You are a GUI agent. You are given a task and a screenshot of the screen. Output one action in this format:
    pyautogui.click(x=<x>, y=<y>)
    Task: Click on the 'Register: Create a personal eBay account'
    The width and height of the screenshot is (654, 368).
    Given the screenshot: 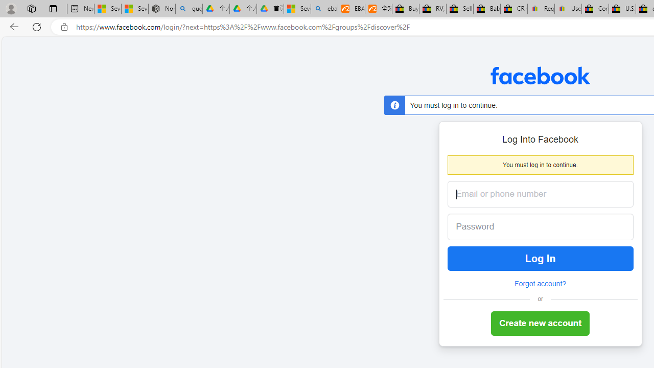 What is the action you would take?
    pyautogui.click(x=541, y=9)
    